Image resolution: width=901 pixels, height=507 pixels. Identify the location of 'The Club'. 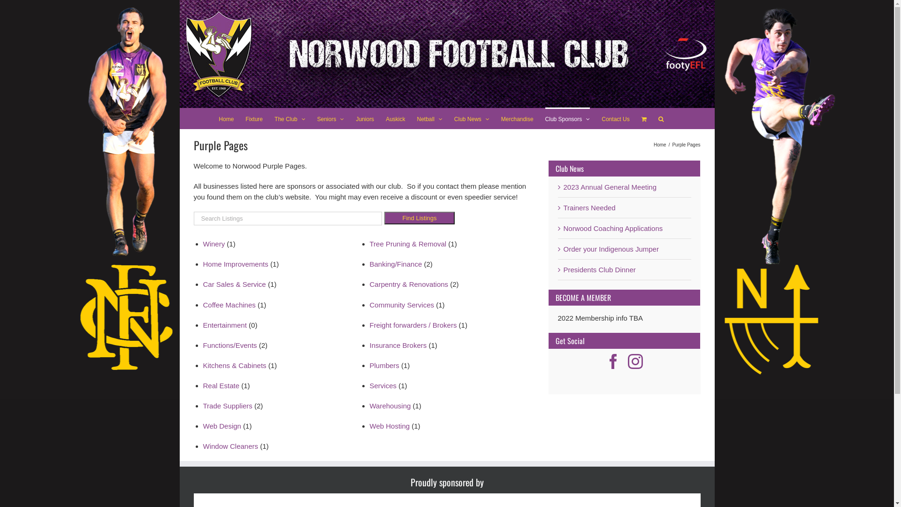
(274, 117).